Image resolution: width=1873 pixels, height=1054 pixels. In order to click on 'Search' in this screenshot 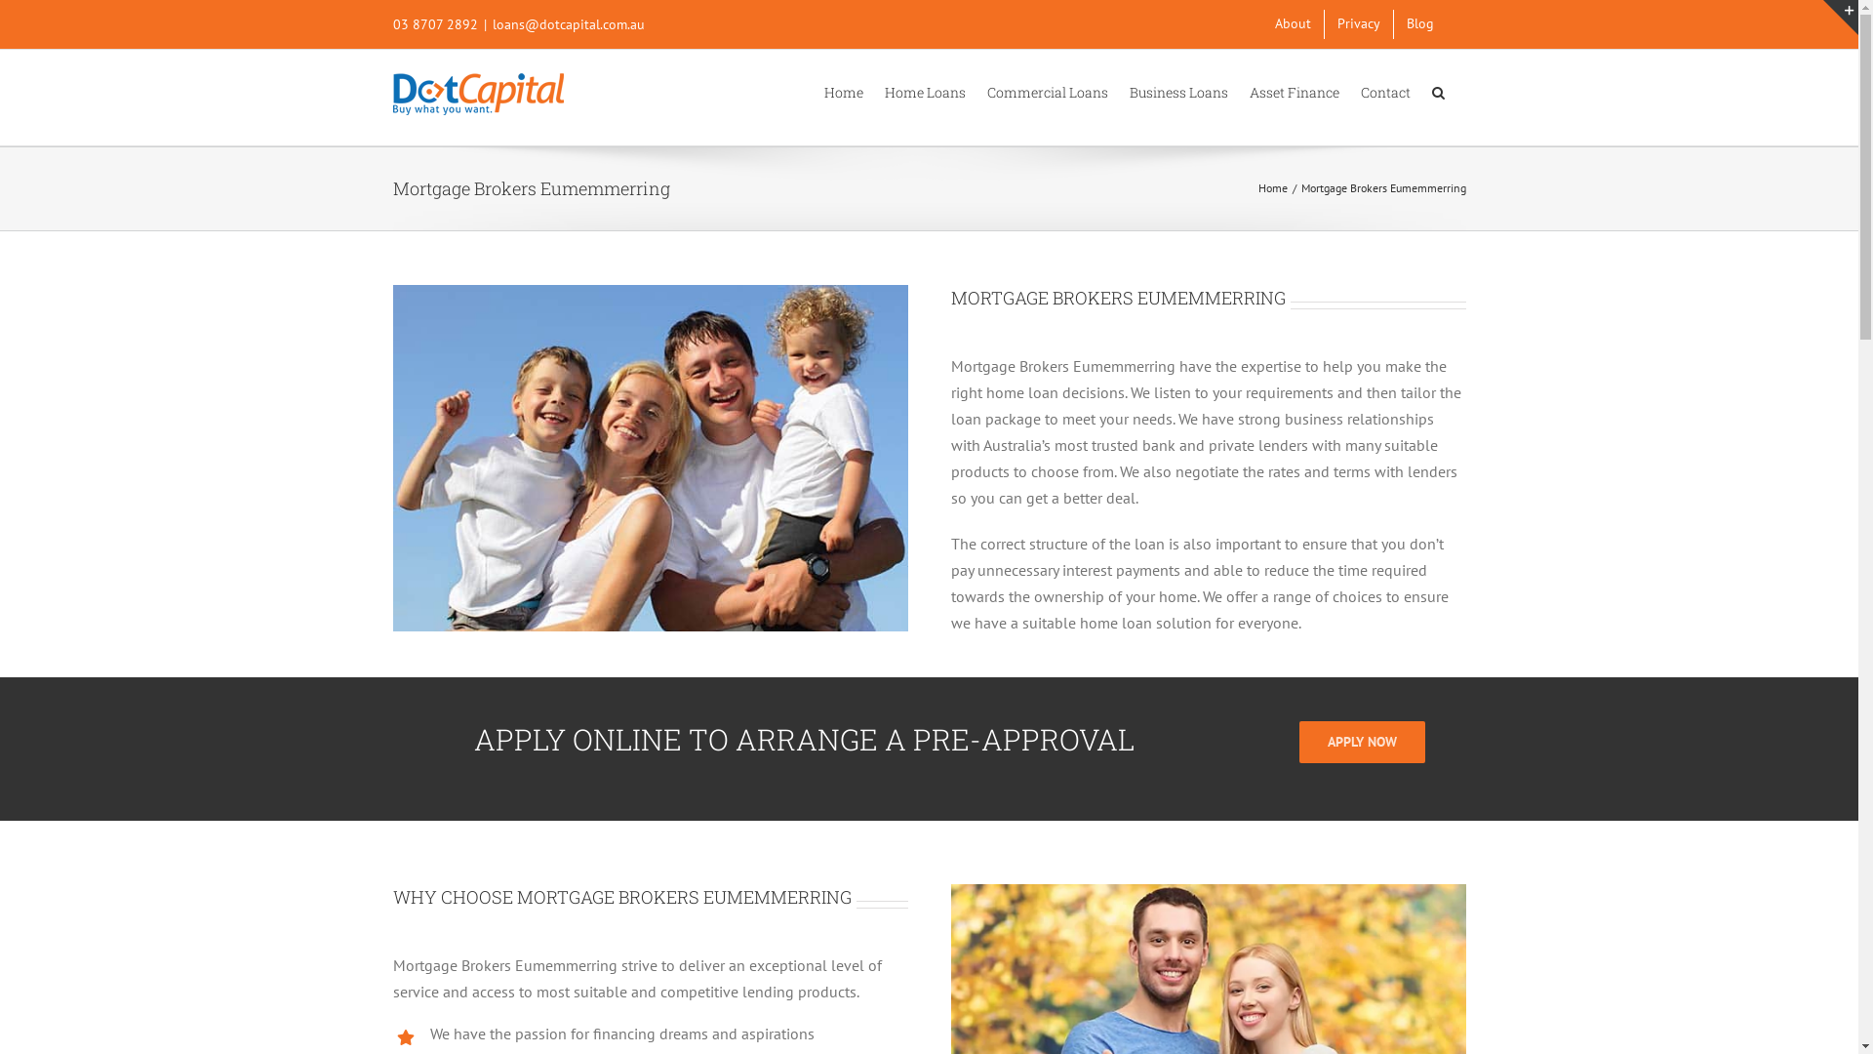, I will do `click(1438, 90)`.